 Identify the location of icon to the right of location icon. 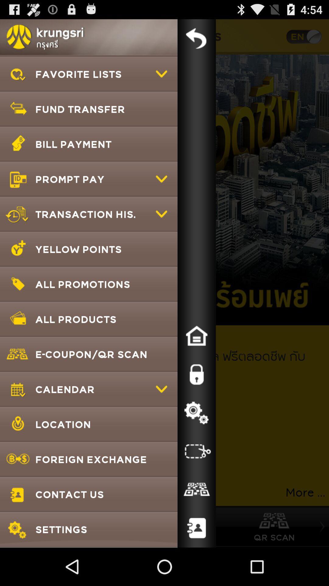
(196, 451).